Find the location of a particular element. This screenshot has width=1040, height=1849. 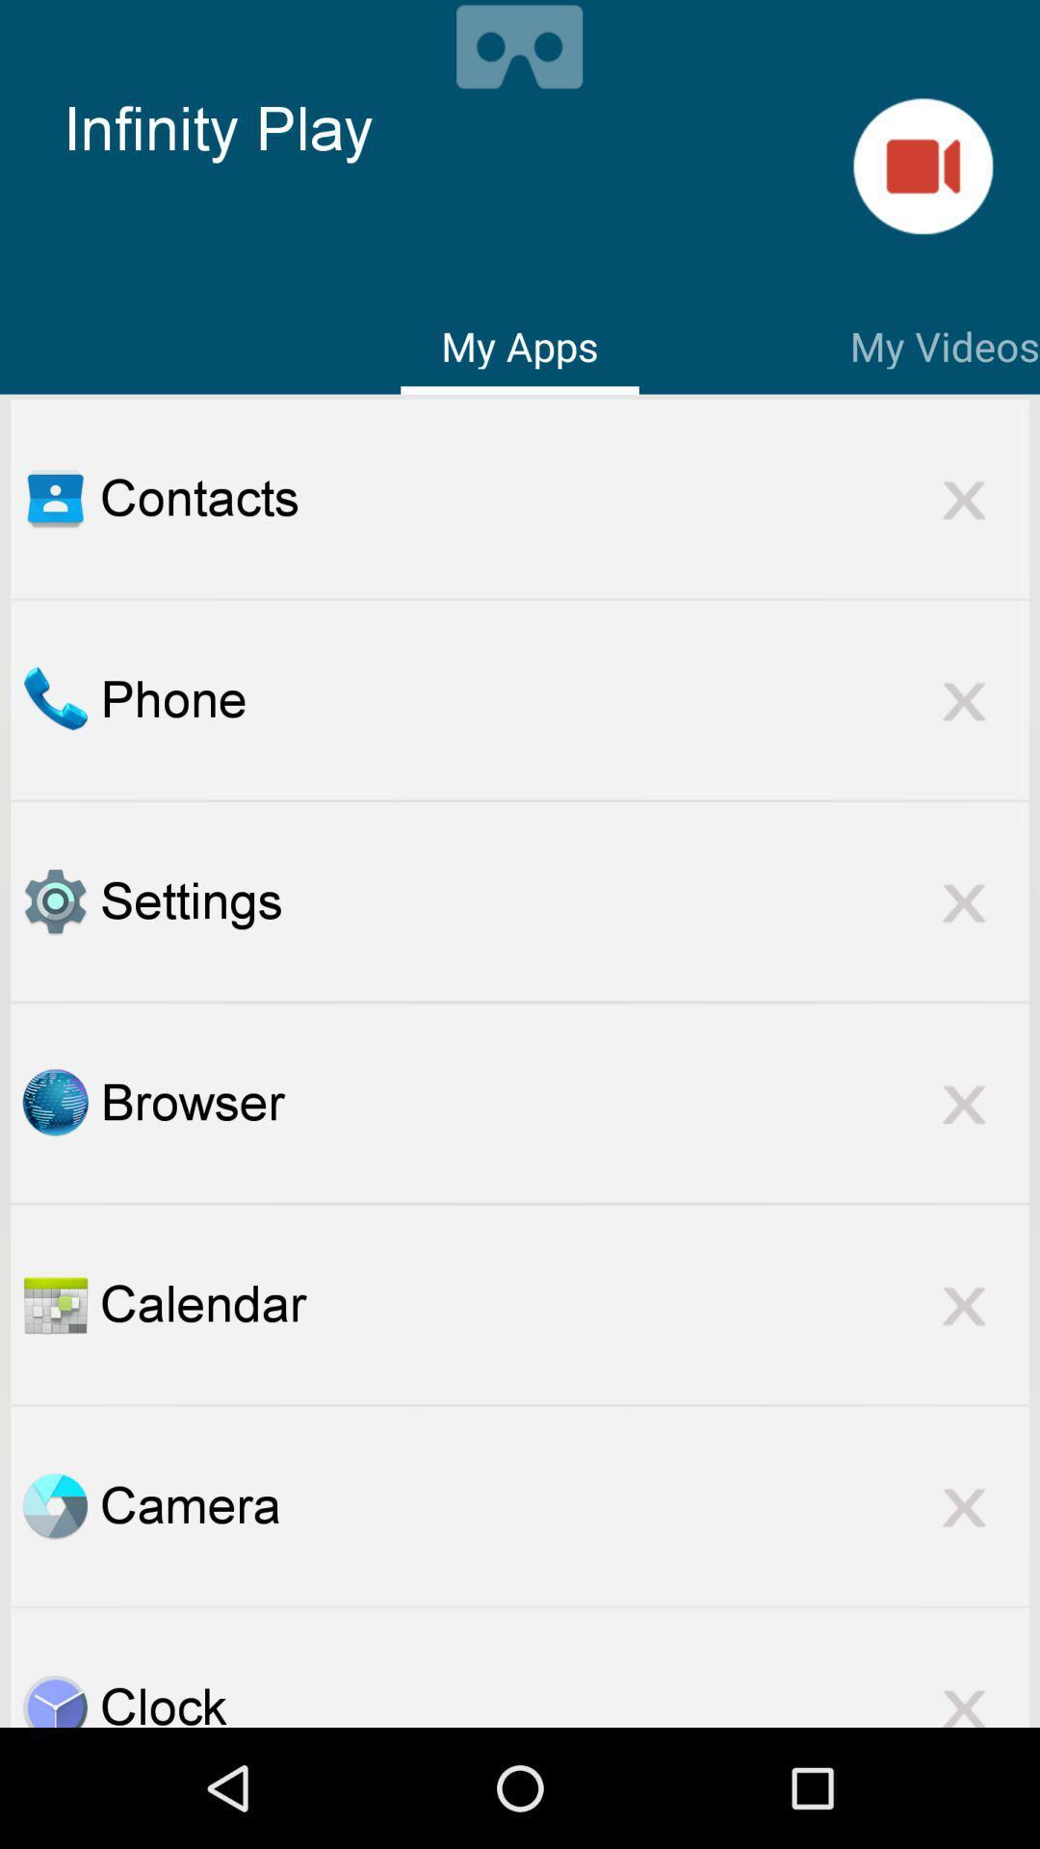

manage clock is located at coordinates (54, 1700).